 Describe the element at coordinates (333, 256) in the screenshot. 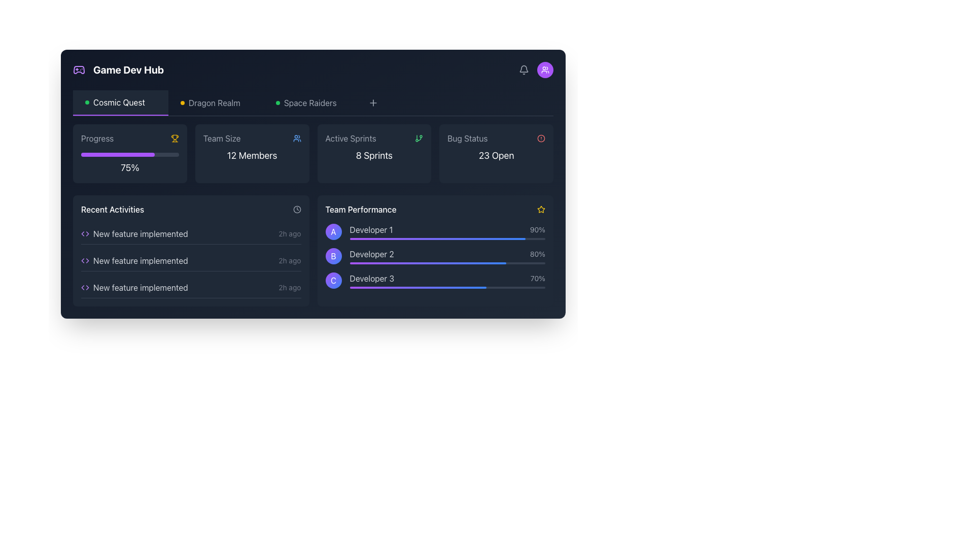

I see `the circular badge with a gradient color transitioning from purple to blue, which contains a white uppercase letter 'B', located in the 'Team Performance' section` at that location.